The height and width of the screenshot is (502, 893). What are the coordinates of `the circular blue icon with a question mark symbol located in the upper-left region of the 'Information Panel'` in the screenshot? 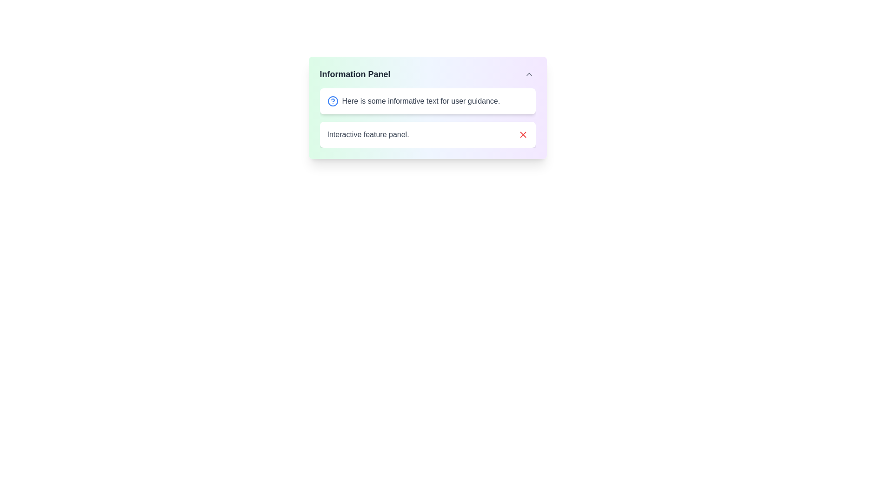 It's located at (333, 101).